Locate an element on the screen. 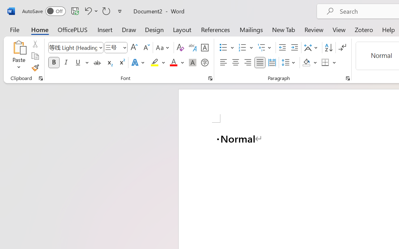 This screenshot has height=249, width=399. 'Center' is located at coordinates (235, 63).